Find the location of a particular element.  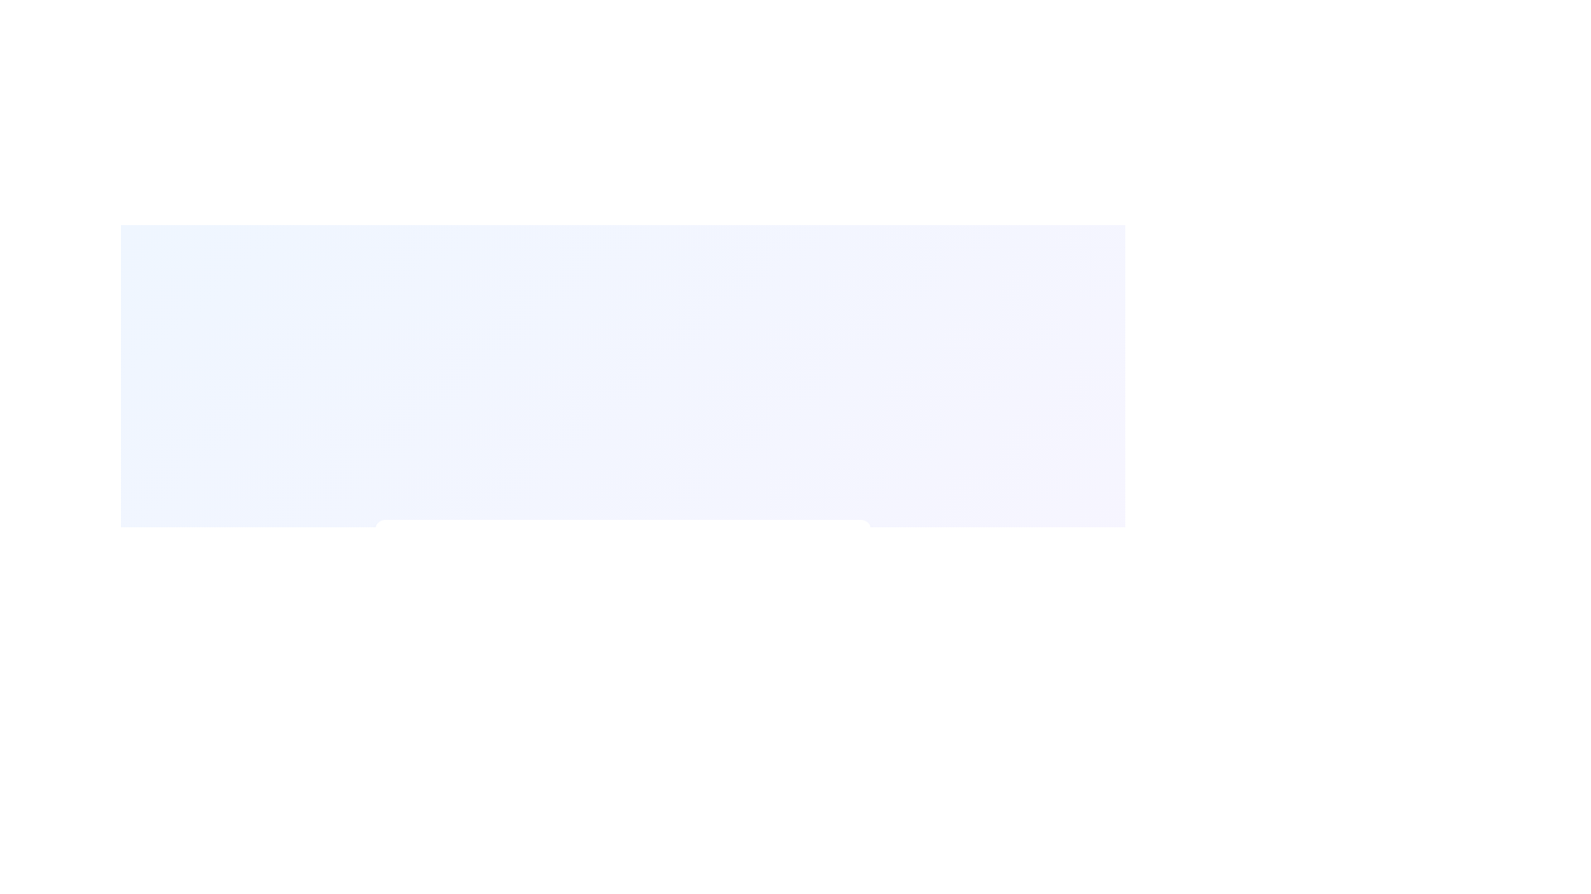

the central circular graphical element styled in green within the SVG representation is located at coordinates (422, 568).